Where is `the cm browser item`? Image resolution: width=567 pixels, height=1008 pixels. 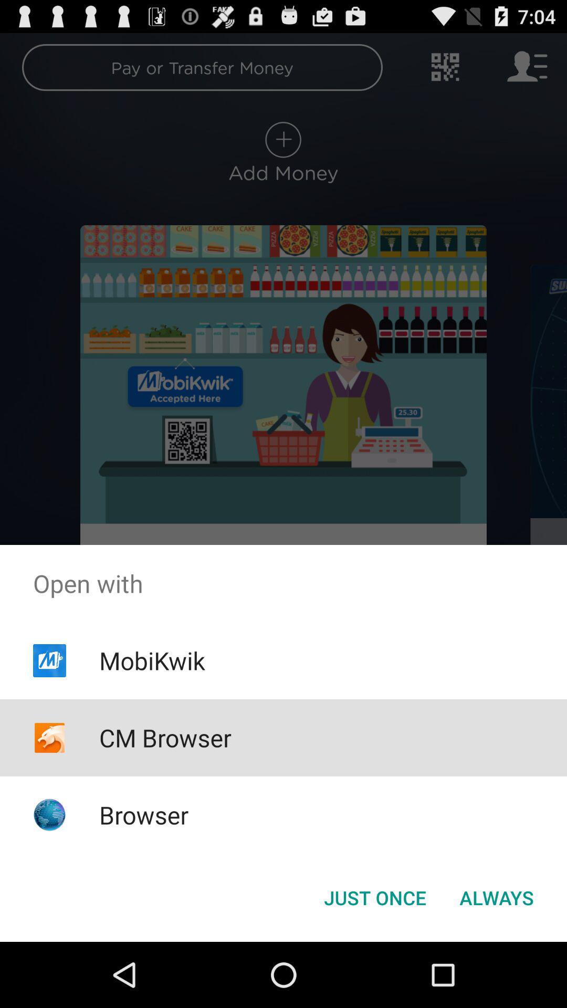 the cm browser item is located at coordinates (165, 737).